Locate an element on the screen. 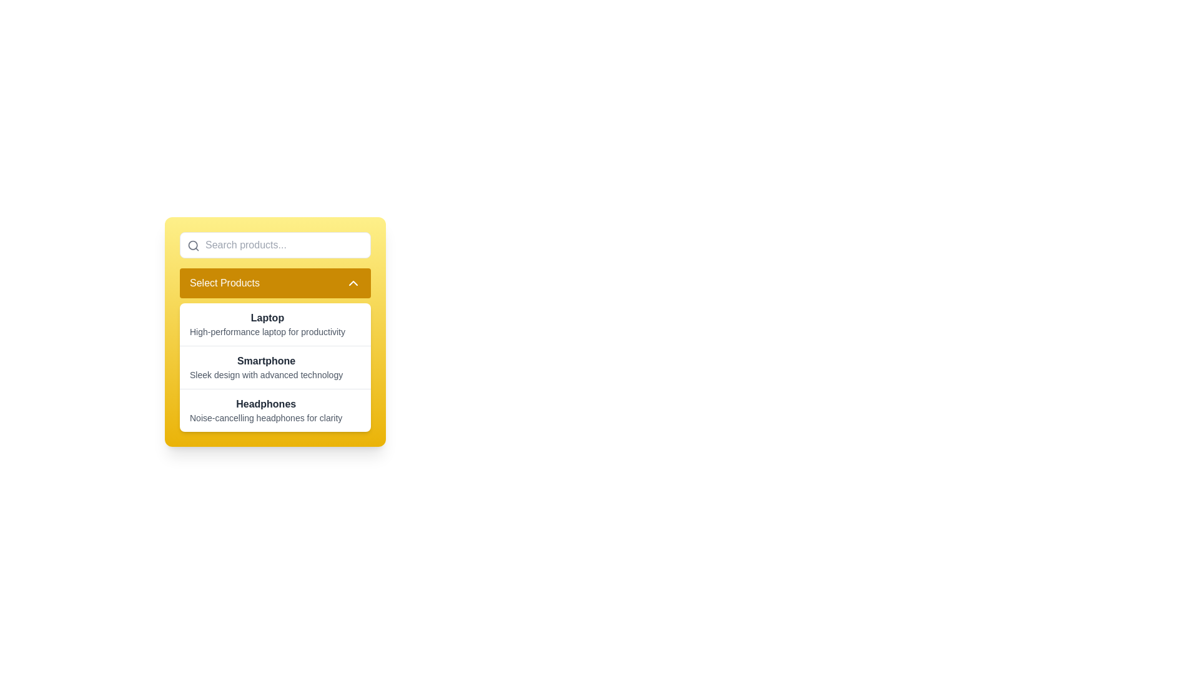 This screenshot has width=1199, height=674. the text label titled 'Smartphone' with the description 'Sleek design with advanced technology' is located at coordinates (265, 367).